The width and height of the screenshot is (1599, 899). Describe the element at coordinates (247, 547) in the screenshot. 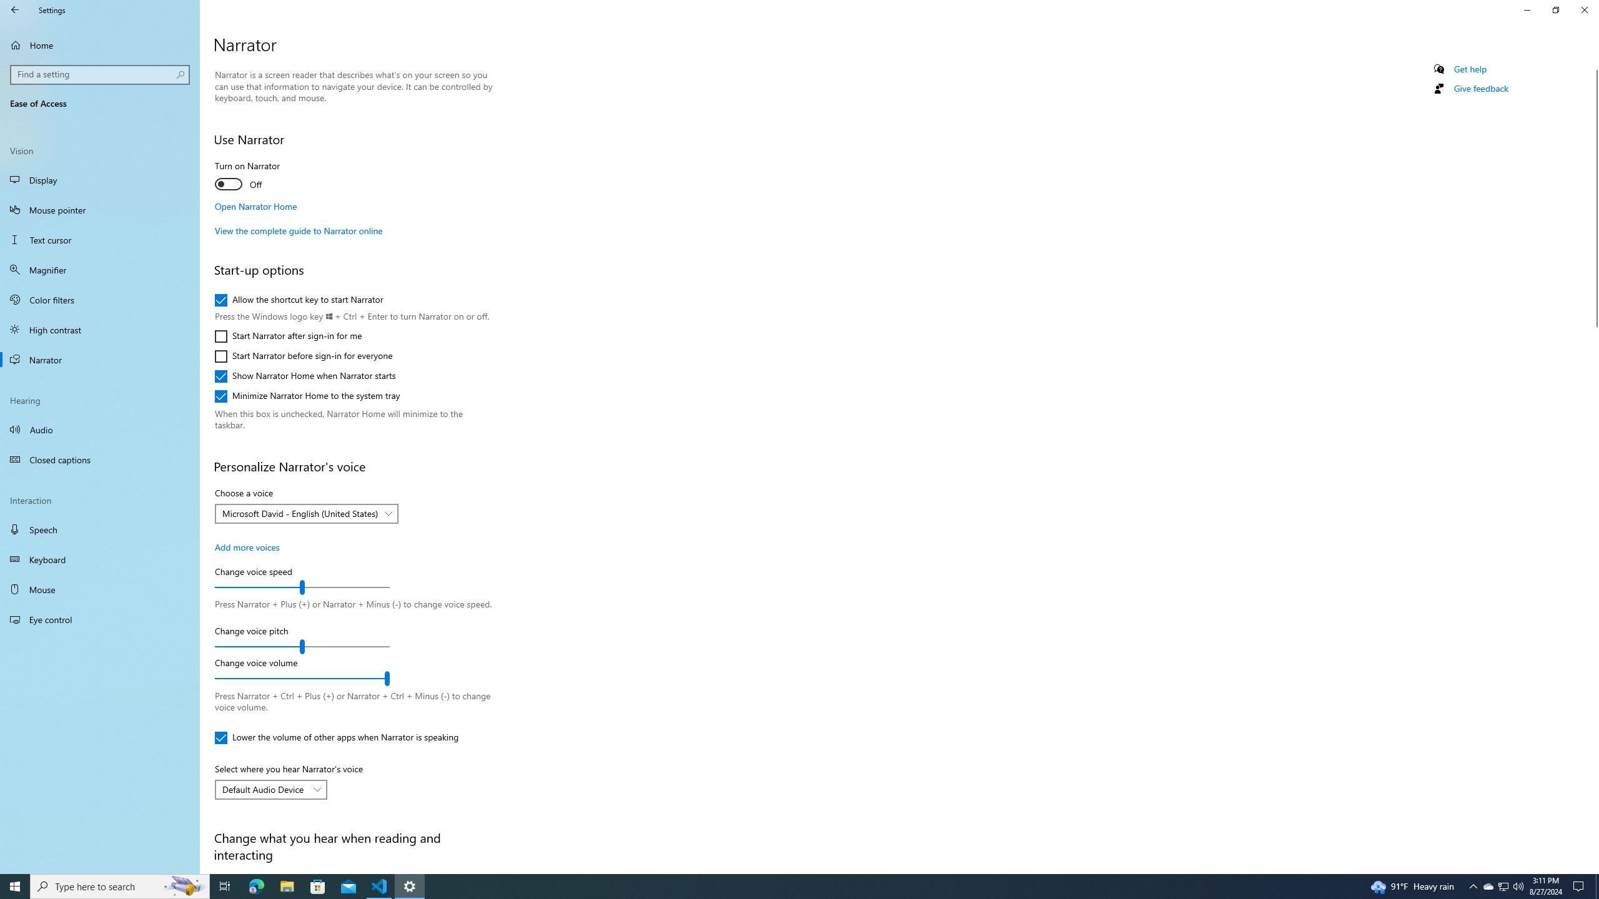

I see `'Add more voices'` at that location.